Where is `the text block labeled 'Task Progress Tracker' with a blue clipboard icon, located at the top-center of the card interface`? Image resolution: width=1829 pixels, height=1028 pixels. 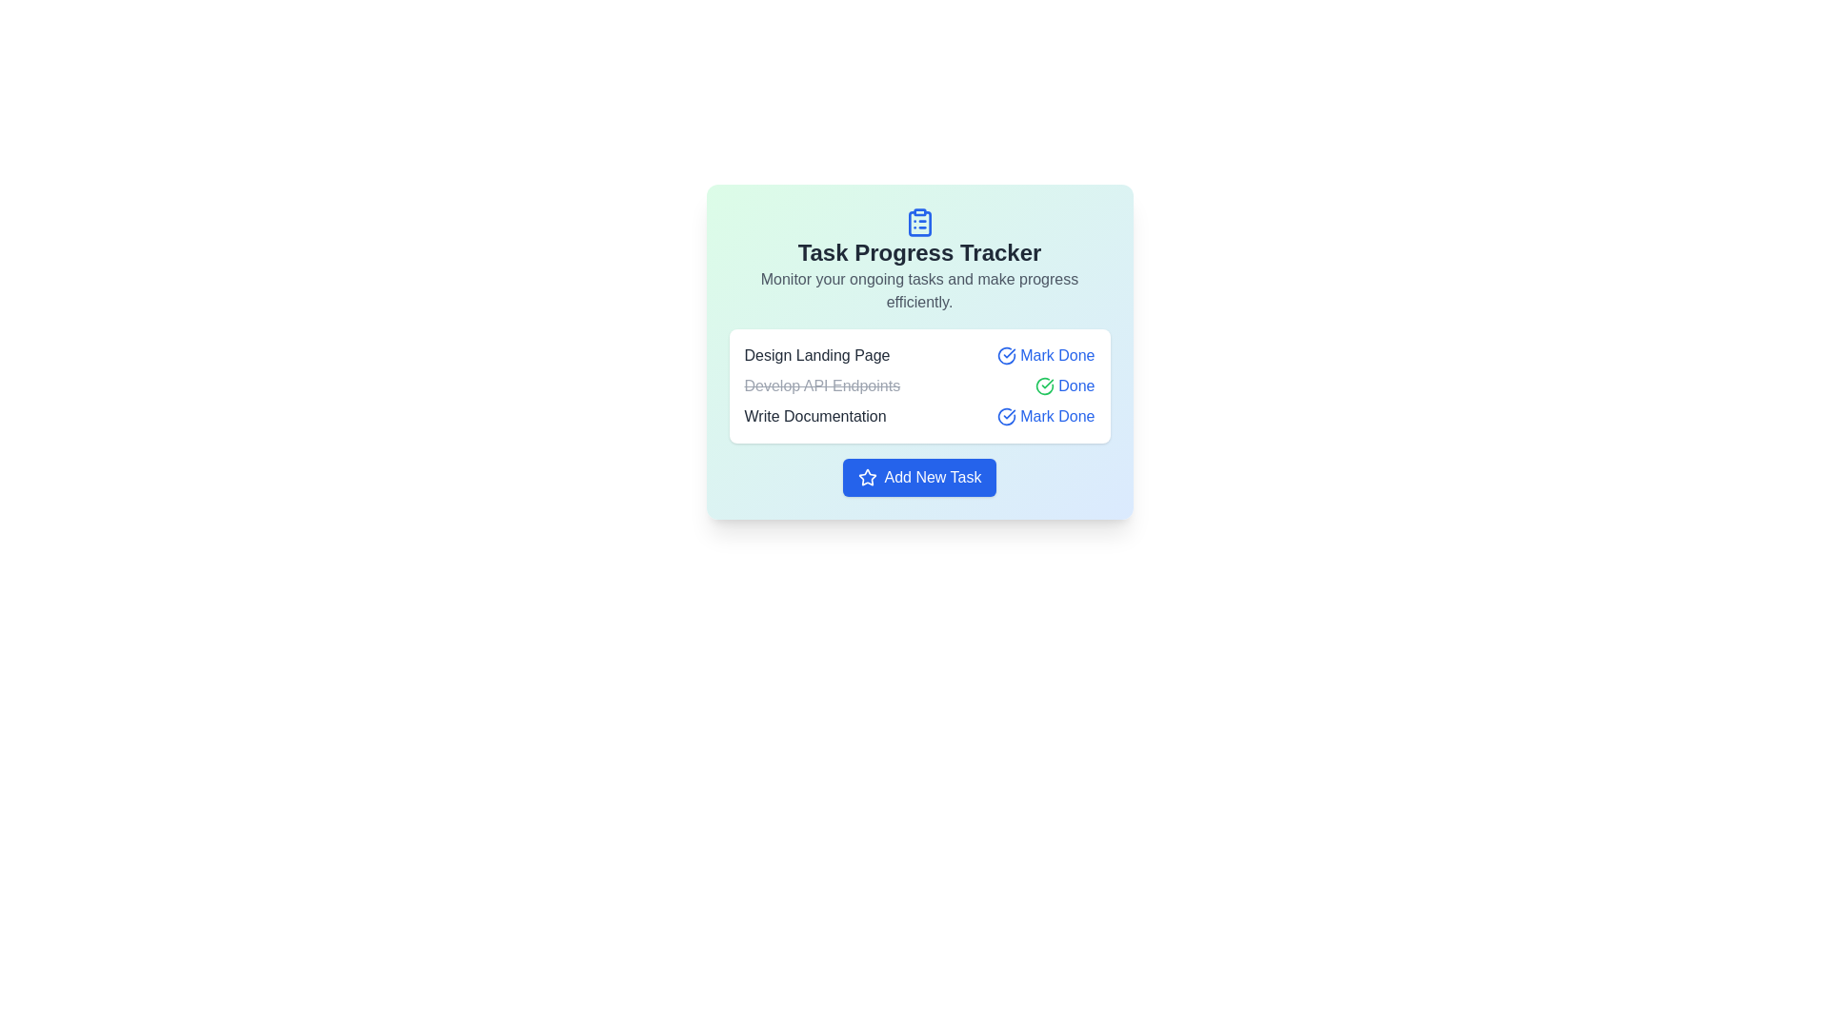 the text block labeled 'Task Progress Tracker' with a blue clipboard icon, located at the top-center of the card interface is located at coordinates (919, 260).